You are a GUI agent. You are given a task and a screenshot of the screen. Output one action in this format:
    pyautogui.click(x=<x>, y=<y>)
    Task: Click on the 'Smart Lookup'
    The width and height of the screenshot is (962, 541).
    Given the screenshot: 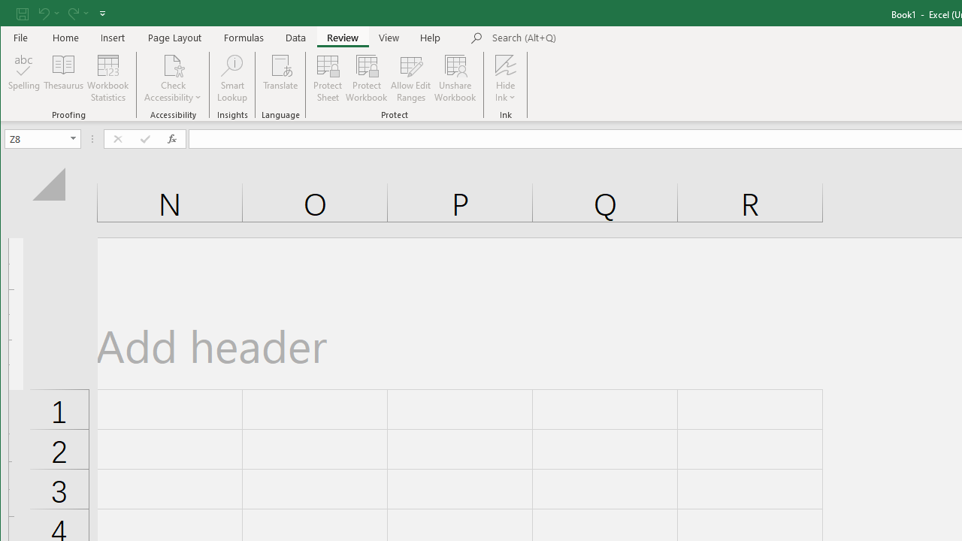 What is the action you would take?
    pyautogui.click(x=231, y=78)
    